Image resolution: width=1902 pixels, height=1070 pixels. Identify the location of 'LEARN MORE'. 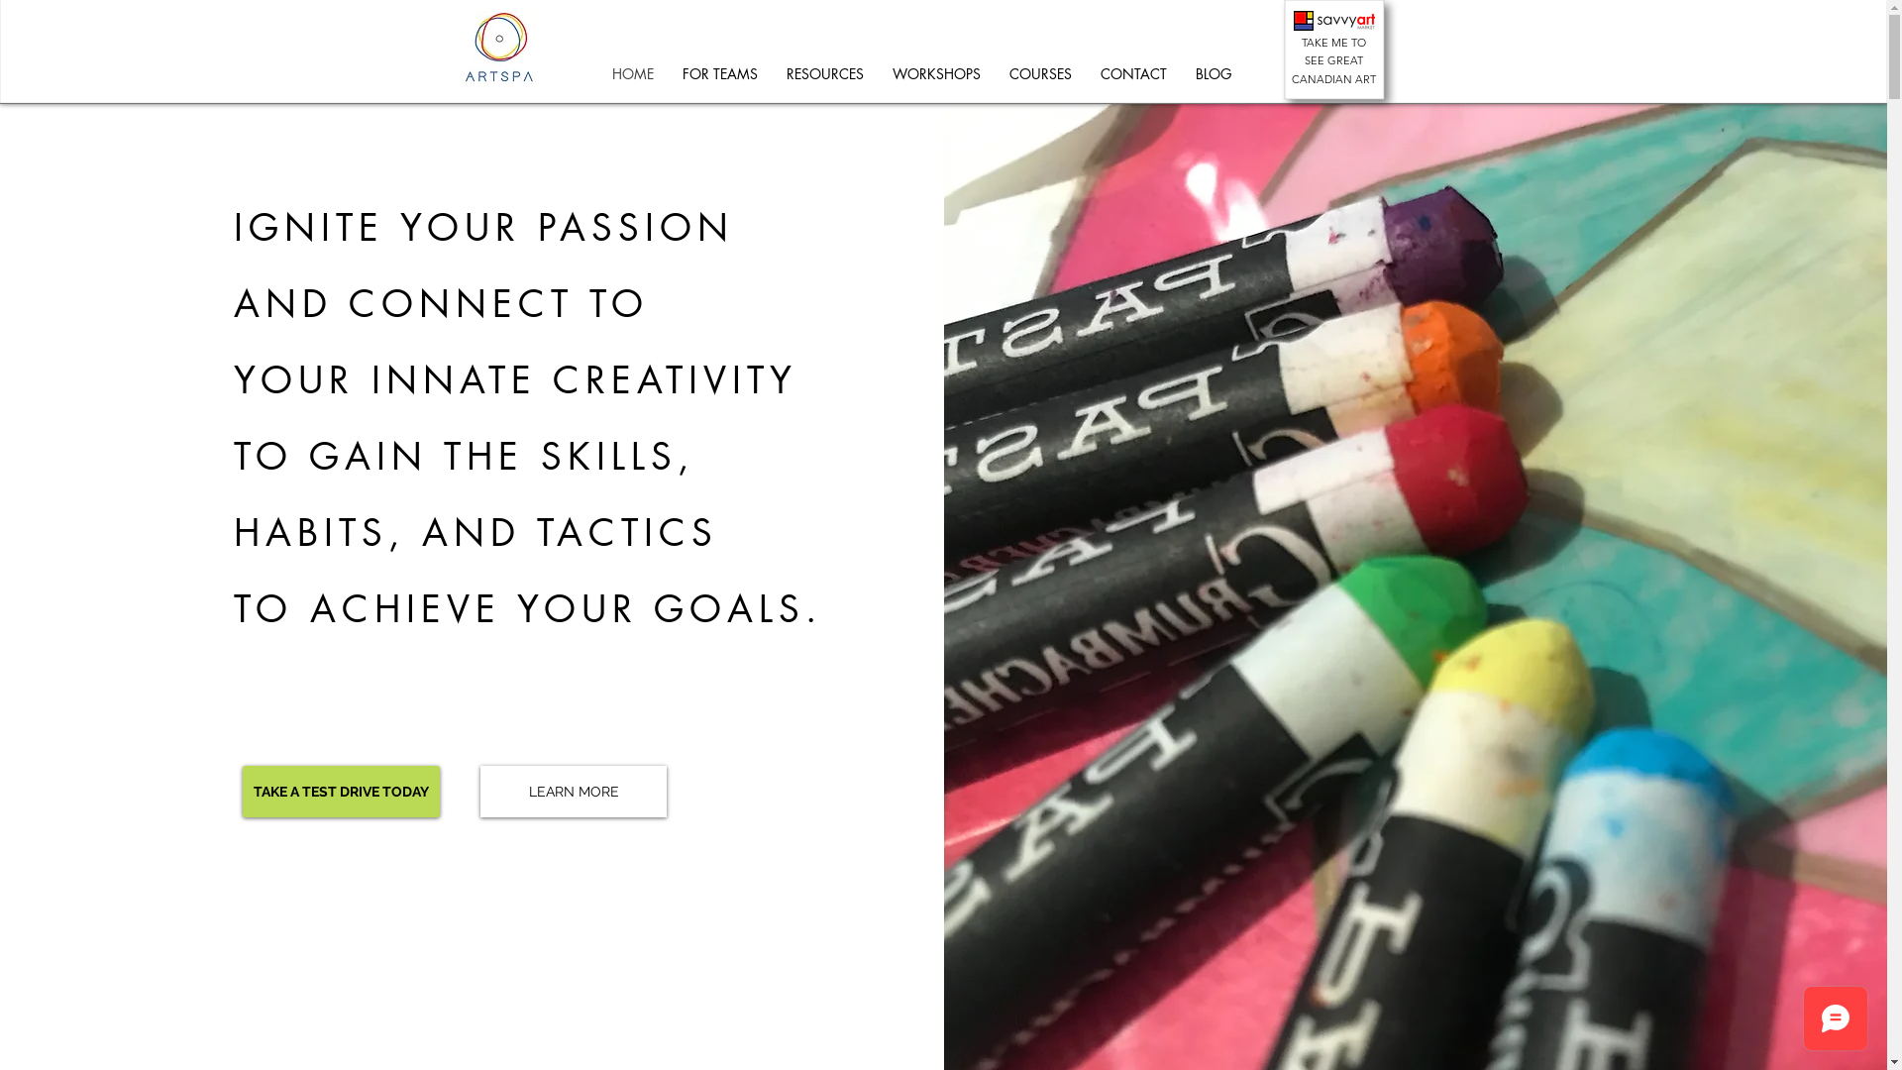
(573, 790).